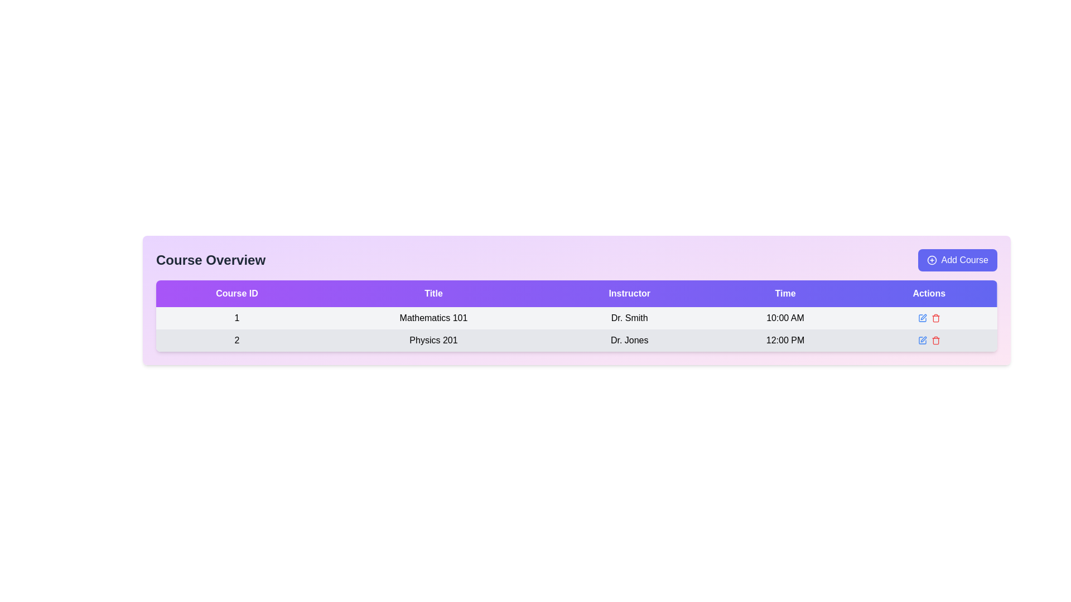 The image size is (1071, 602). Describe the element at coordinates (629, 339) in the screenshot. I see `the Table Cell displaying 'Dr. Jones' with a gray background and black text, located under the 'Instructor' column of the second row in the table` at that location.